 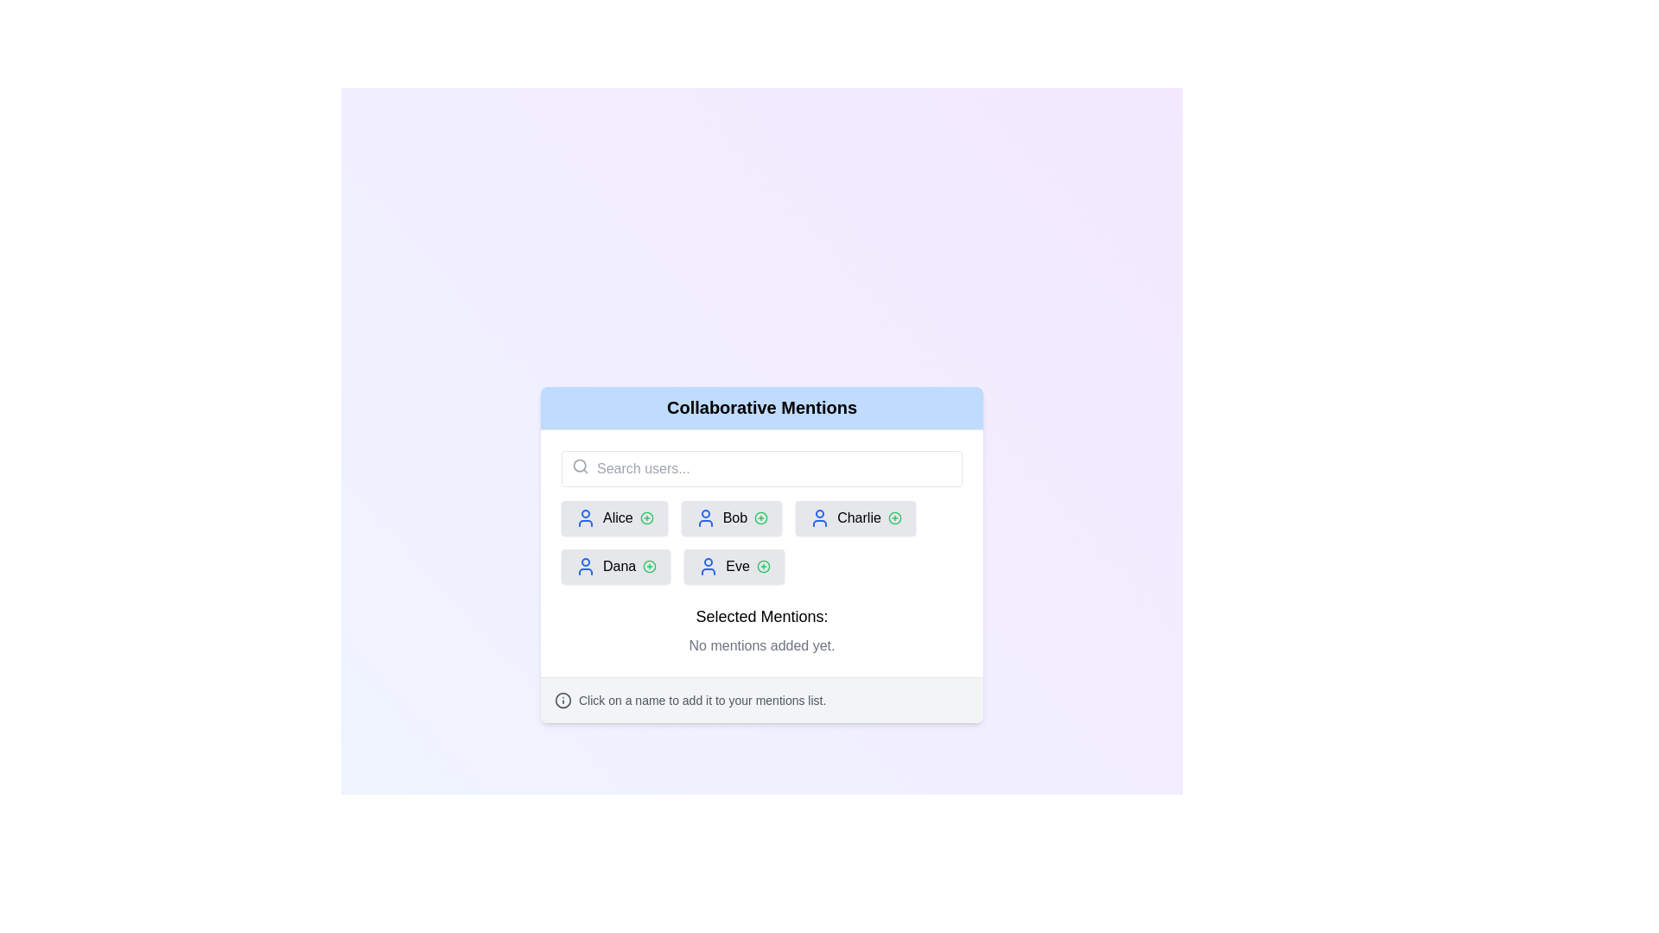 What do you see at coordinates (762, 566) in the screenshot?
I see `the 'Add' button icon related to the 'Eve' user` at bounding box center [762, 566].